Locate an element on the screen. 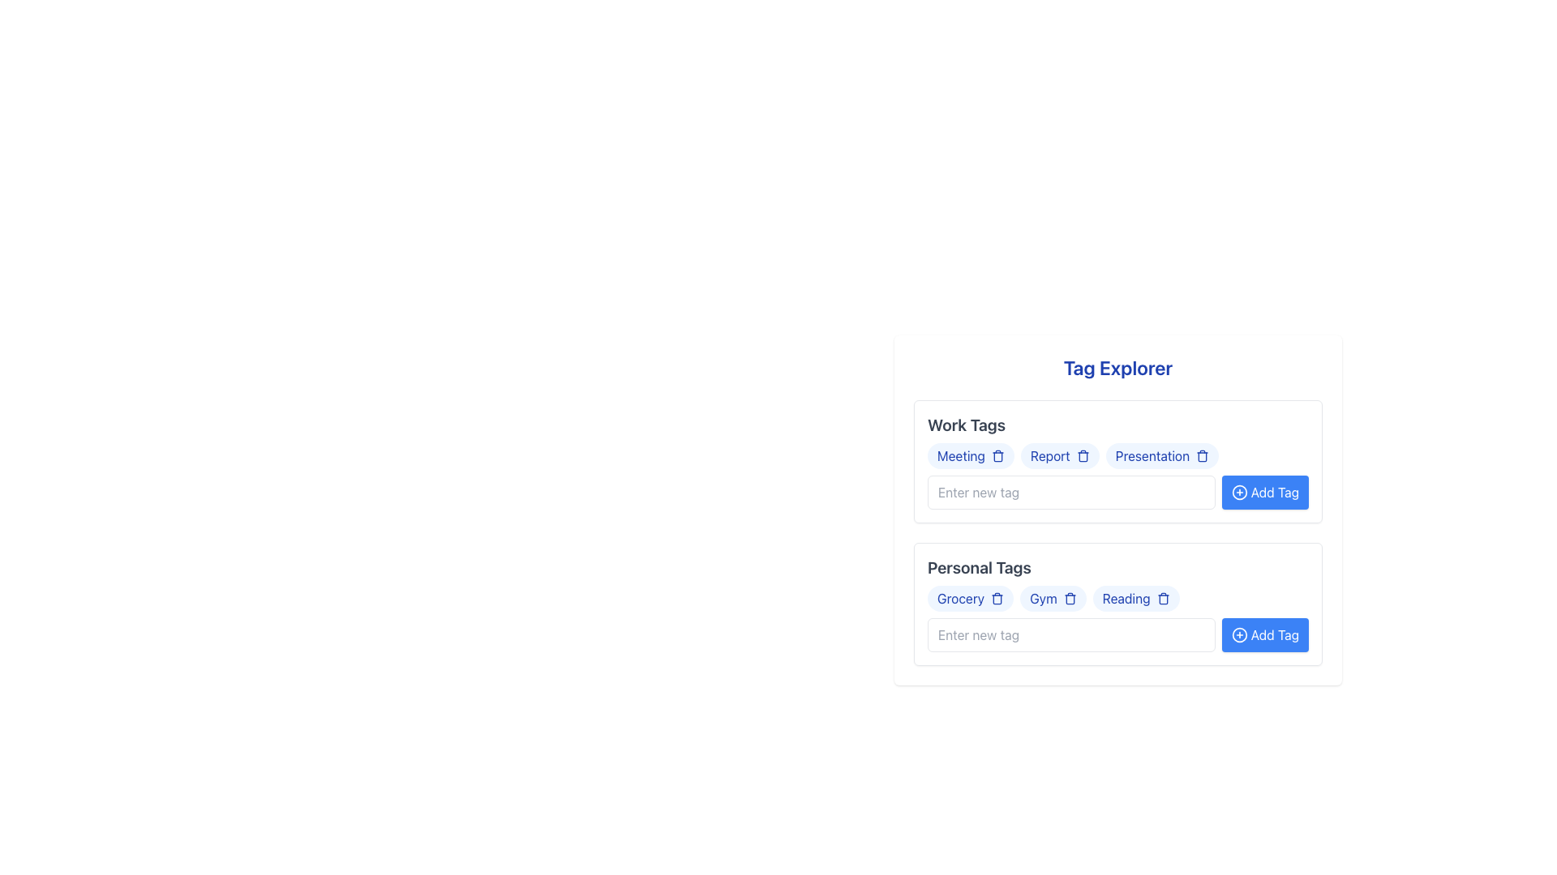  the central Vector element of the trash bin icon, which serves as a delete button is located at coordinates (1162, 600).